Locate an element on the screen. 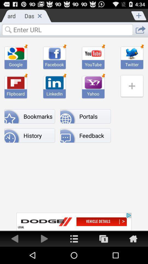  tab close is located at coordinates (39, 15).